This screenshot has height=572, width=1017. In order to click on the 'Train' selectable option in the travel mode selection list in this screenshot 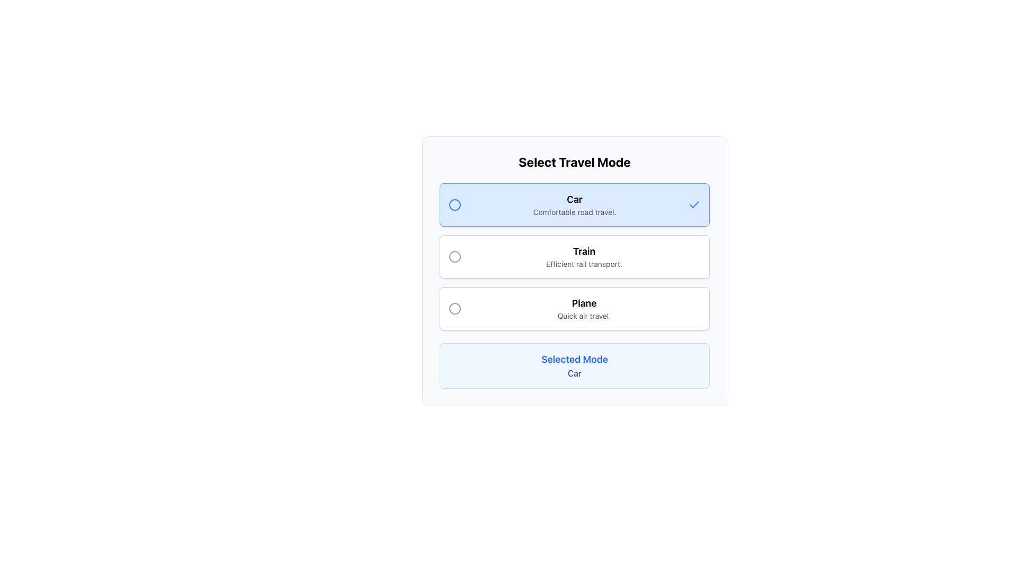, I will do `click(574, 257)`.